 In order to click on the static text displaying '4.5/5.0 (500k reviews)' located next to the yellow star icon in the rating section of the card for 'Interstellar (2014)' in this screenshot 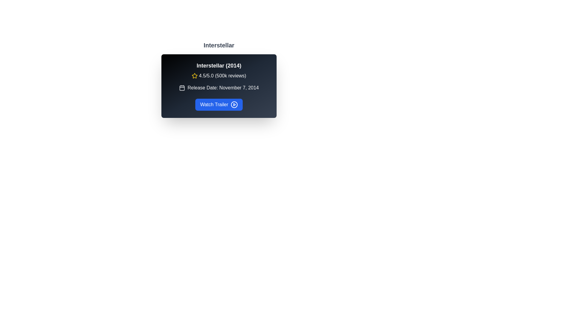, I will do `click(222, 76)`.